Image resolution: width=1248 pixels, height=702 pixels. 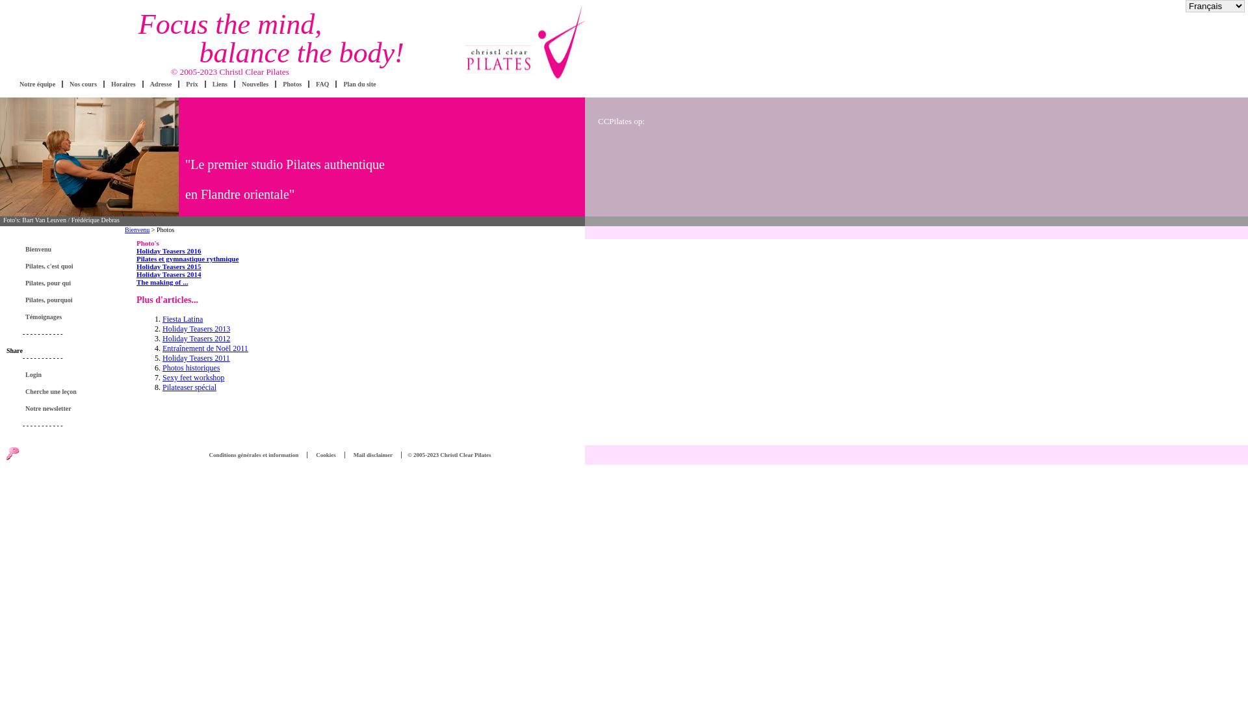 What do you see at coordinates (192, 378) in the screenshot?
I see `'Sexy feet workshop'` at bounding box center [192, 378].